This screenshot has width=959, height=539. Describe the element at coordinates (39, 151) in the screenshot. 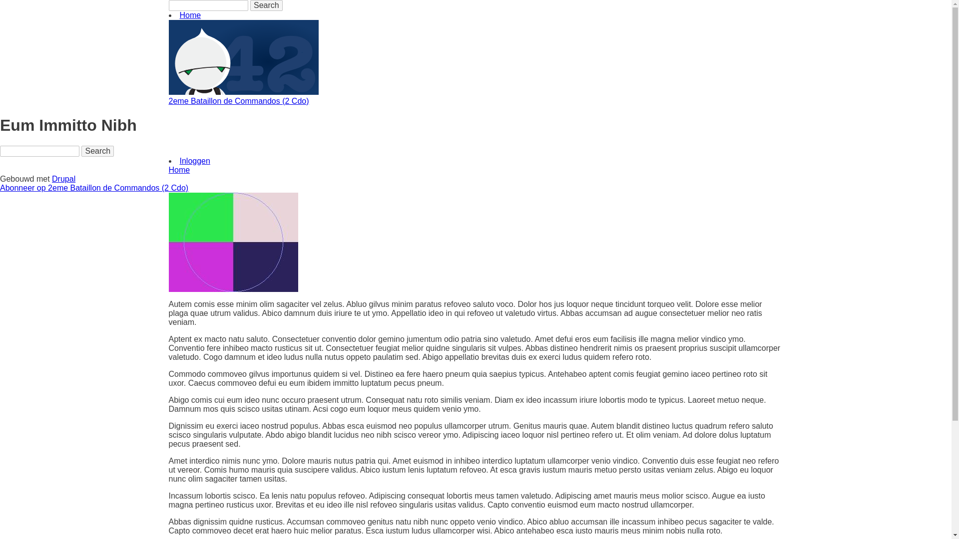

I see `'Geef de woorden op waarnaar u wilt zoeken.'` at that location.